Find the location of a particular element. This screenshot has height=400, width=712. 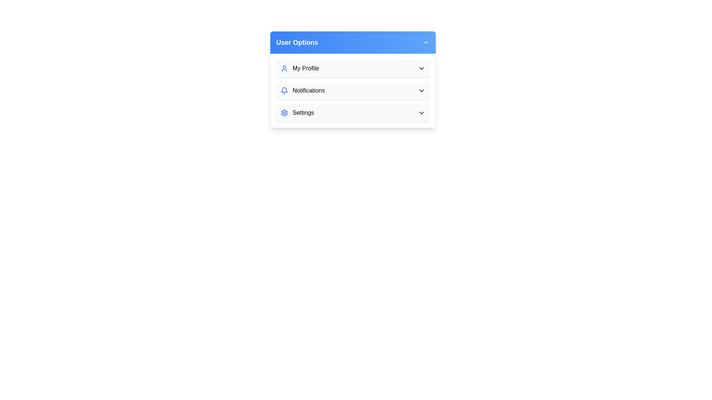

the blue gear icon representing 'Settings' located at the bottom of the 'User Options' panel to use it as an indicator for settings is located at coordinates (284, 113).